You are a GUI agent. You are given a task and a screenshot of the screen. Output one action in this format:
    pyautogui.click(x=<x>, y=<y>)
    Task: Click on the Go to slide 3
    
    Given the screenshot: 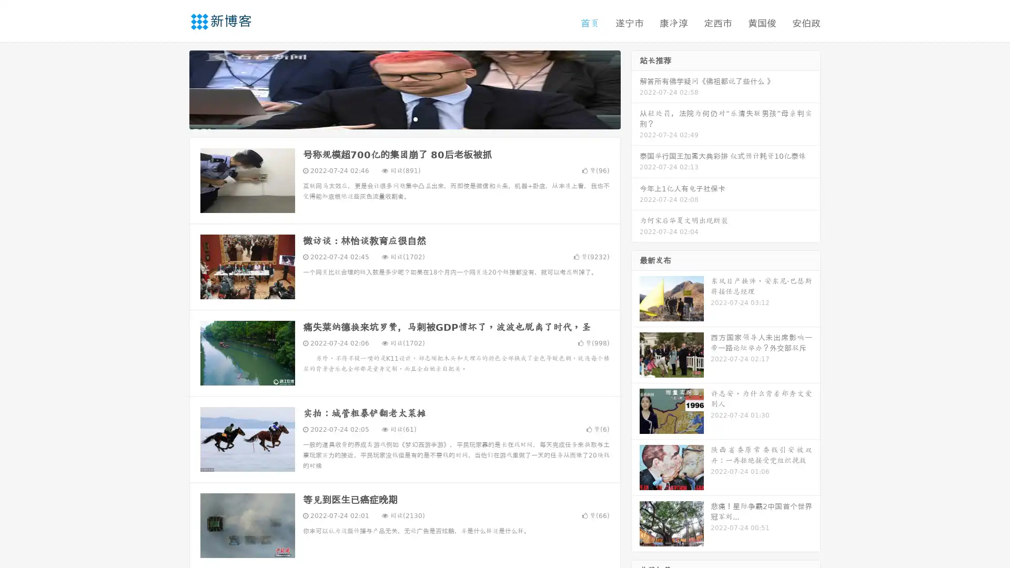 What is the action you would take?
    pyautogui.click(x=415, y=118)
    